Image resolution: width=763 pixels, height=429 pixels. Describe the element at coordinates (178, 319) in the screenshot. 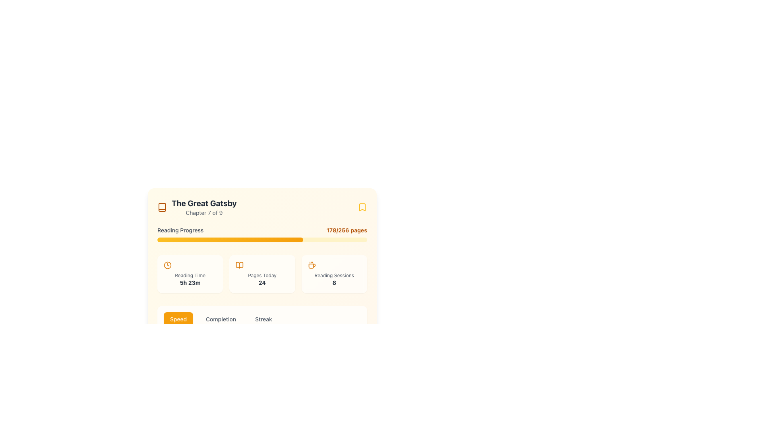

I see `the button located at the far left of a row of three buttons, which selects the 'Speed' section` at that location.